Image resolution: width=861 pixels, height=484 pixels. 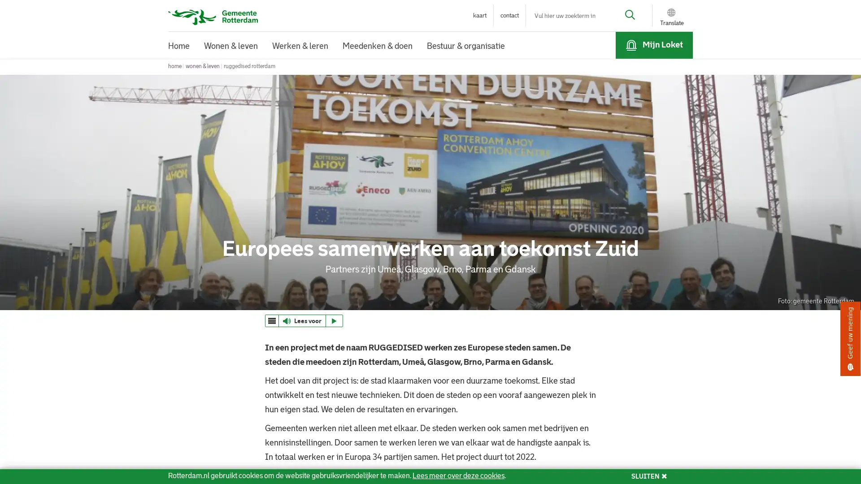 I want to click on webReader menu, so click(x=271, y=320).